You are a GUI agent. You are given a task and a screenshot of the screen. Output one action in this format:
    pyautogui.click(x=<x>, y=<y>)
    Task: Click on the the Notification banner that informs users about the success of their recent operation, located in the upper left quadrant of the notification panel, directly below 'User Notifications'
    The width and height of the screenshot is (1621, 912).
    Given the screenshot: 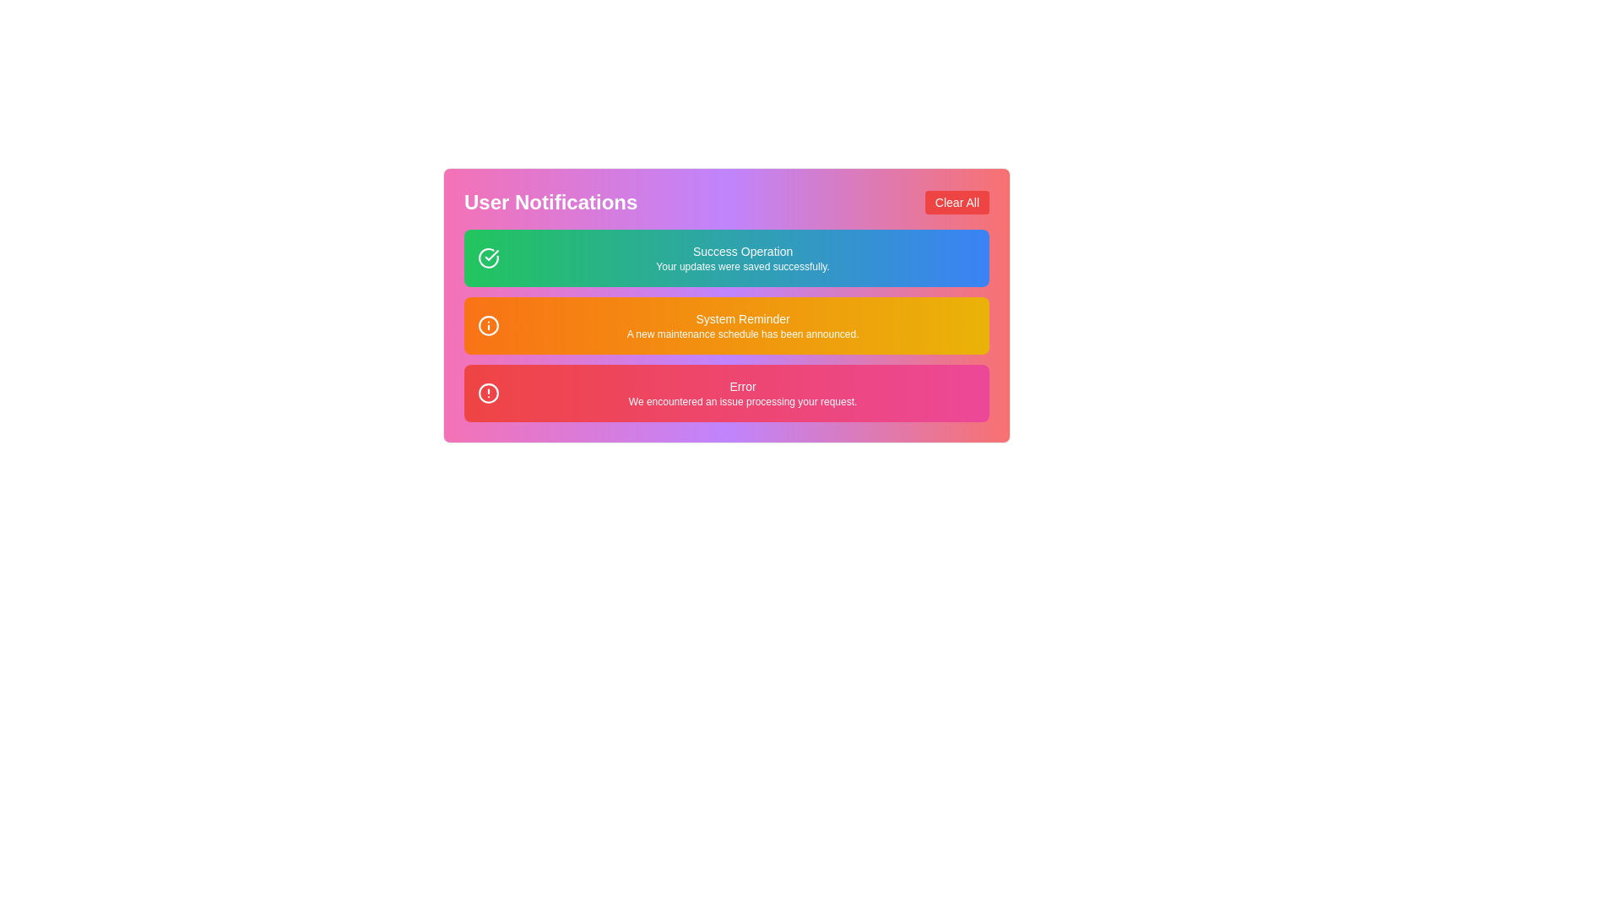 What is the action you would take?
    pyautogui.click(x=743, y=258)
    